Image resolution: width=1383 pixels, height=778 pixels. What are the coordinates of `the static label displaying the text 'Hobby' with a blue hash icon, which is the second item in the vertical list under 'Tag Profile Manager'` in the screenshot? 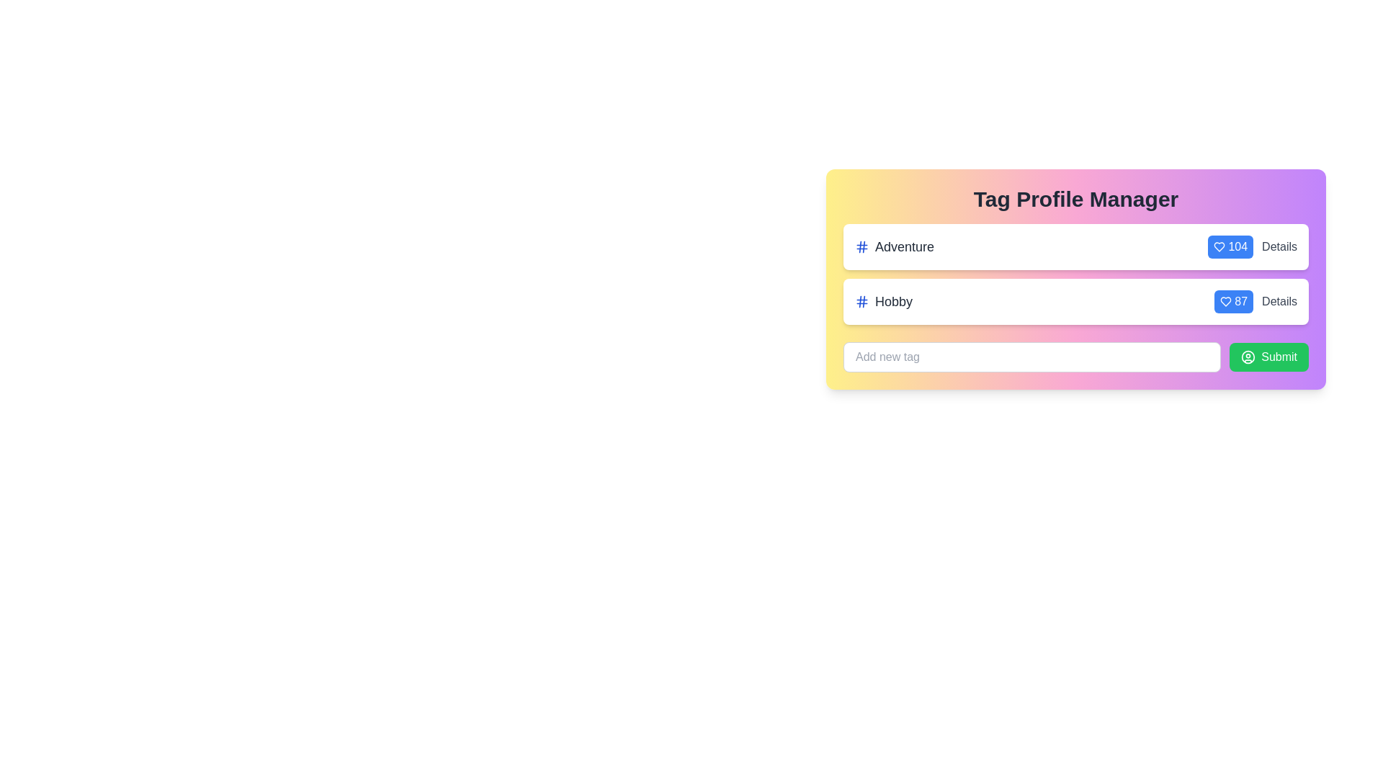 It's located at (883, 301).